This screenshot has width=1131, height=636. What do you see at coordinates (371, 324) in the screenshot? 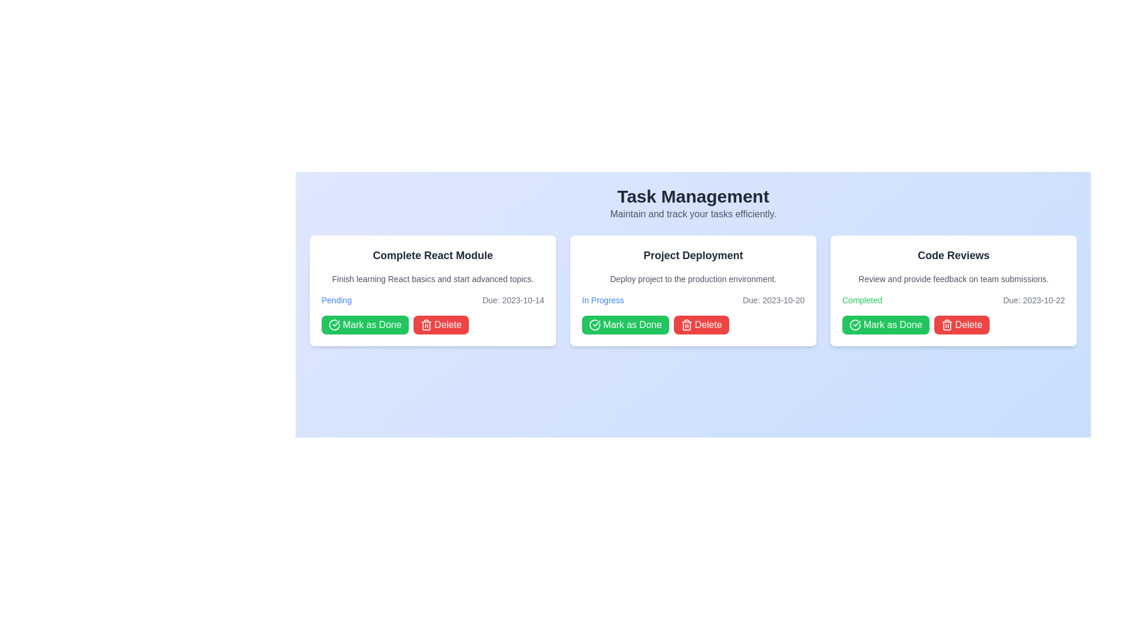
I see `text label 'Mark as Done' displayed in white font on a green button with rounded corners located at the bottom-left corner of the task card for 'Complete React Module'` at bounding box center [371, 324].